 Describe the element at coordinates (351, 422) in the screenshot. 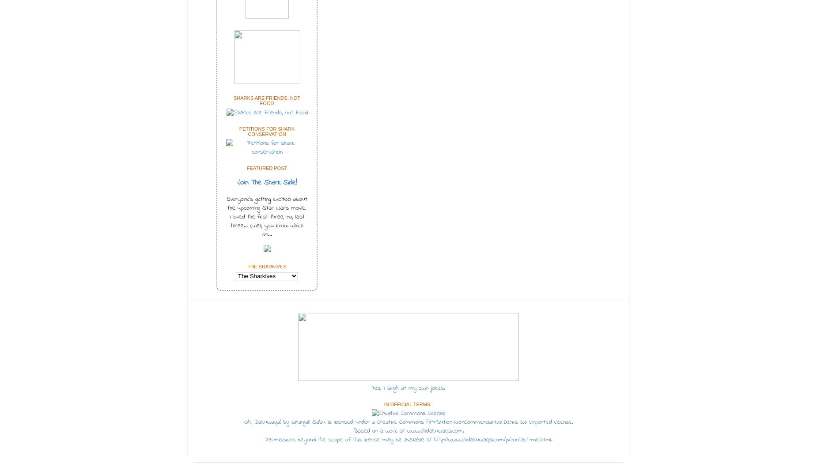

I see `'is licensed under a'` at that location.